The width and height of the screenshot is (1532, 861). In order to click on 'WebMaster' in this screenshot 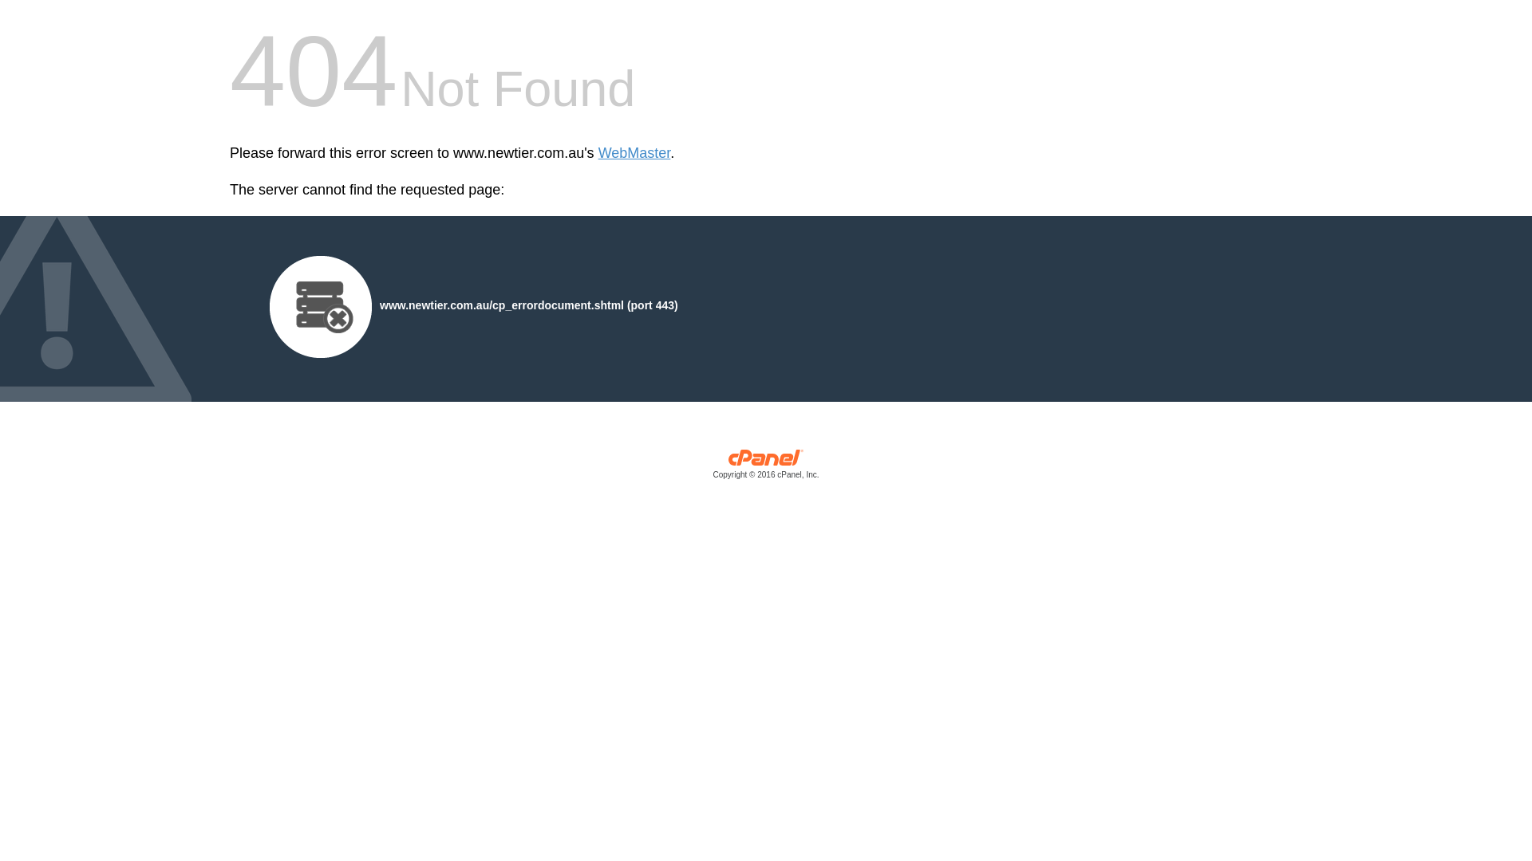, I will do `click(634, 153)`.